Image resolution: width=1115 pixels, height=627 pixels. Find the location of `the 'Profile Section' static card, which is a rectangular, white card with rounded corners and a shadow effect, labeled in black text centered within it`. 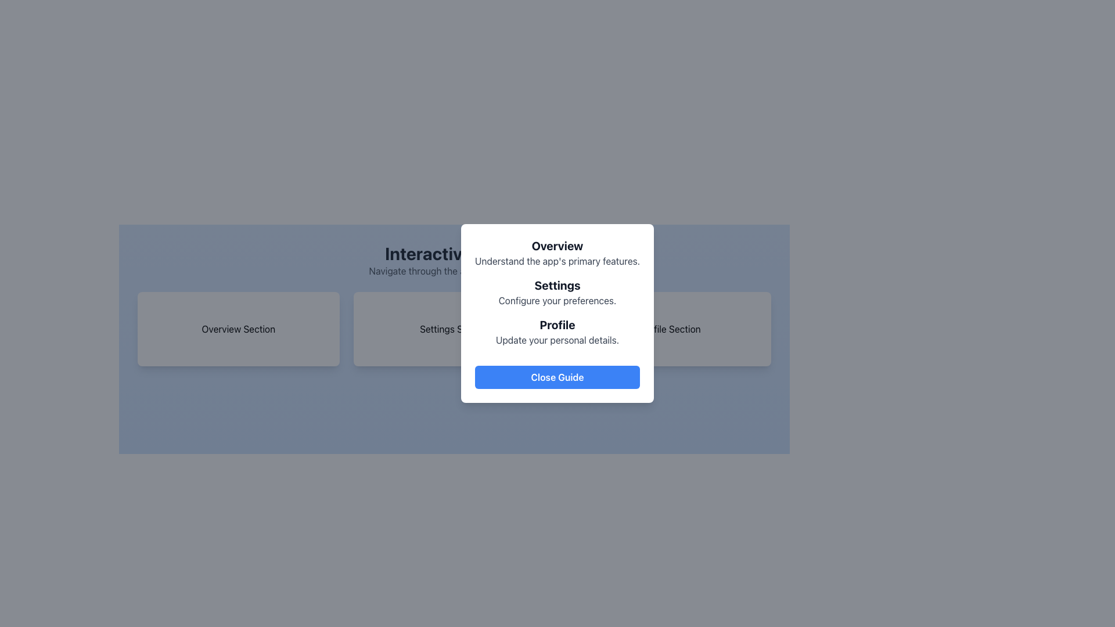

the 'Profile Section' static card, which is a rectangular, white card with rounded corners and a shadow effect, labeled in black text centered within it is located at coordinates (670, 329).